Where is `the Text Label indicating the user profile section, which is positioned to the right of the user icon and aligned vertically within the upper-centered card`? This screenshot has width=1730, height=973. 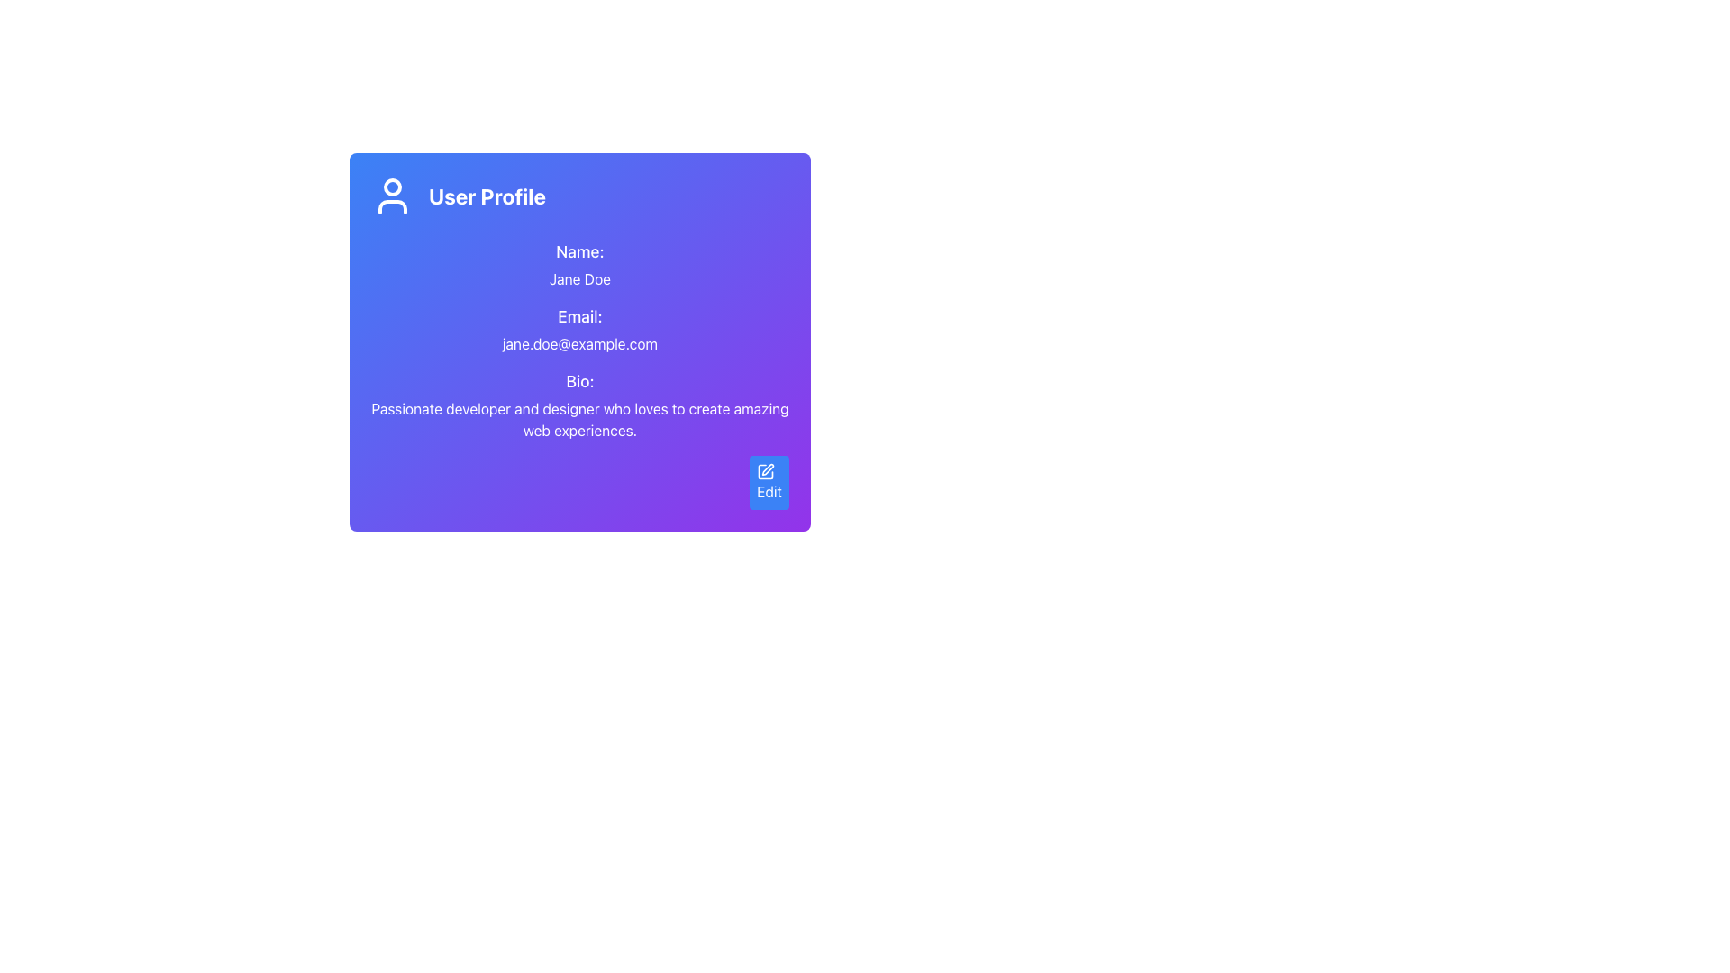
the Text Label indicating the user profile section, which is positioned to the right of the user icon and aligned vertically within the upper-centered card is located at coordinates (487, 196).